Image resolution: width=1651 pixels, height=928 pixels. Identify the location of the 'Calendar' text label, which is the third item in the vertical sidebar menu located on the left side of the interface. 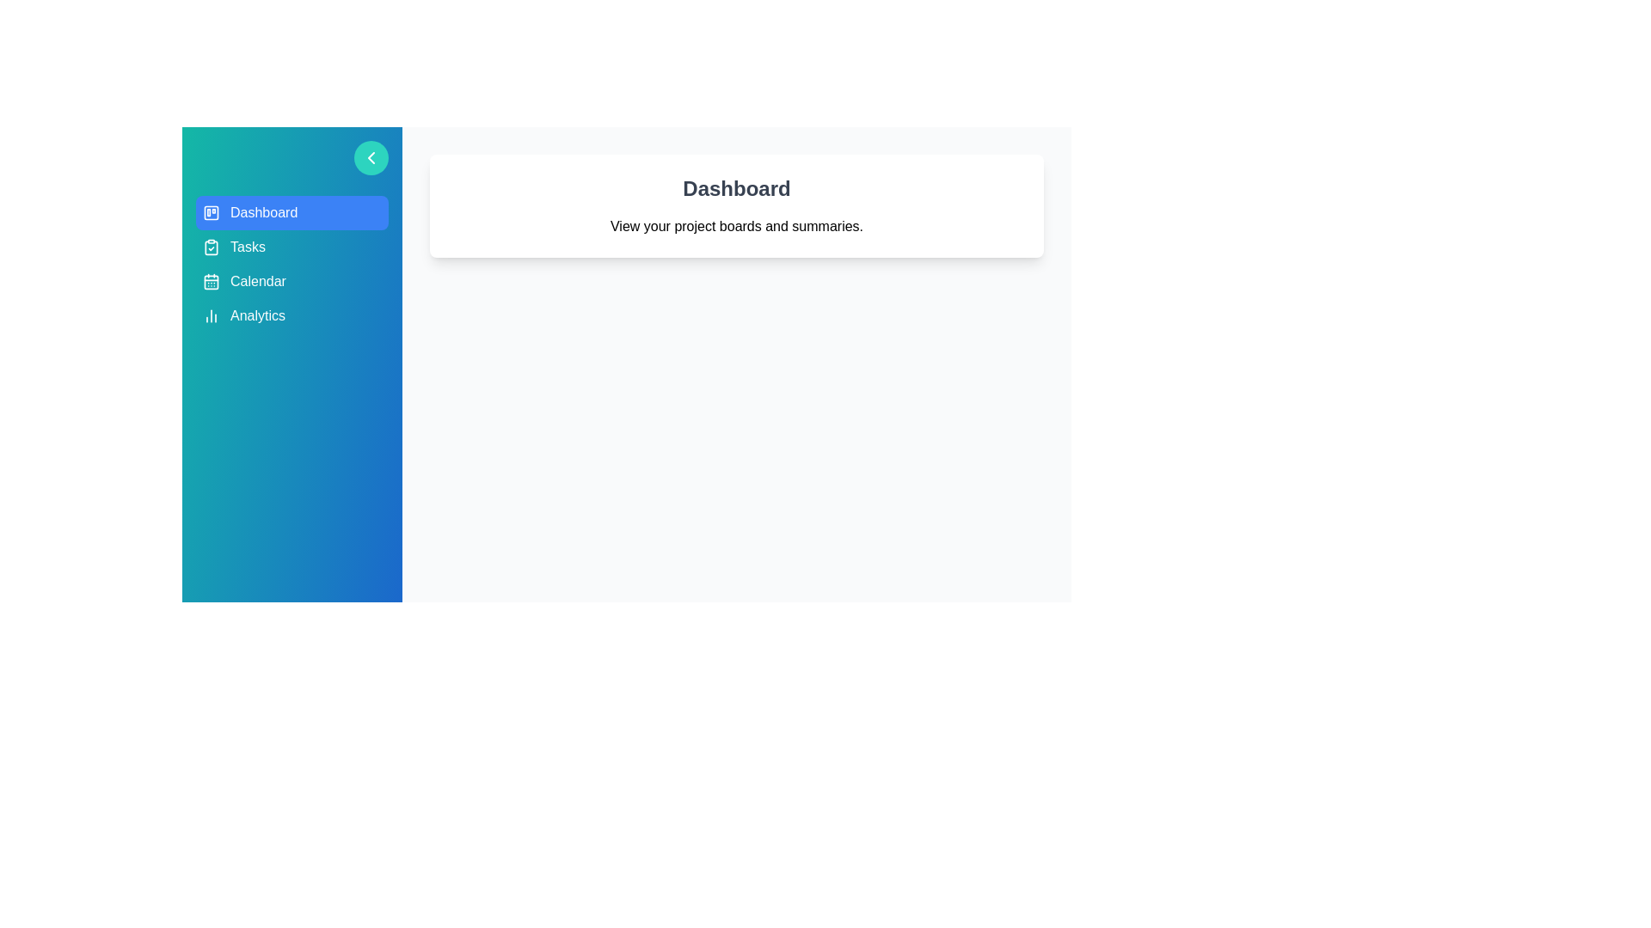
(257, 280).